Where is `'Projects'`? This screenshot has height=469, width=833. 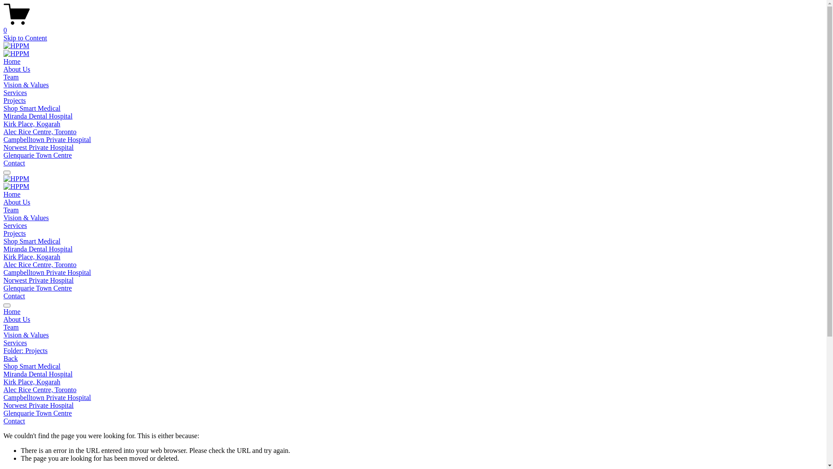
'Projects' is located at coordinates (14, 100).